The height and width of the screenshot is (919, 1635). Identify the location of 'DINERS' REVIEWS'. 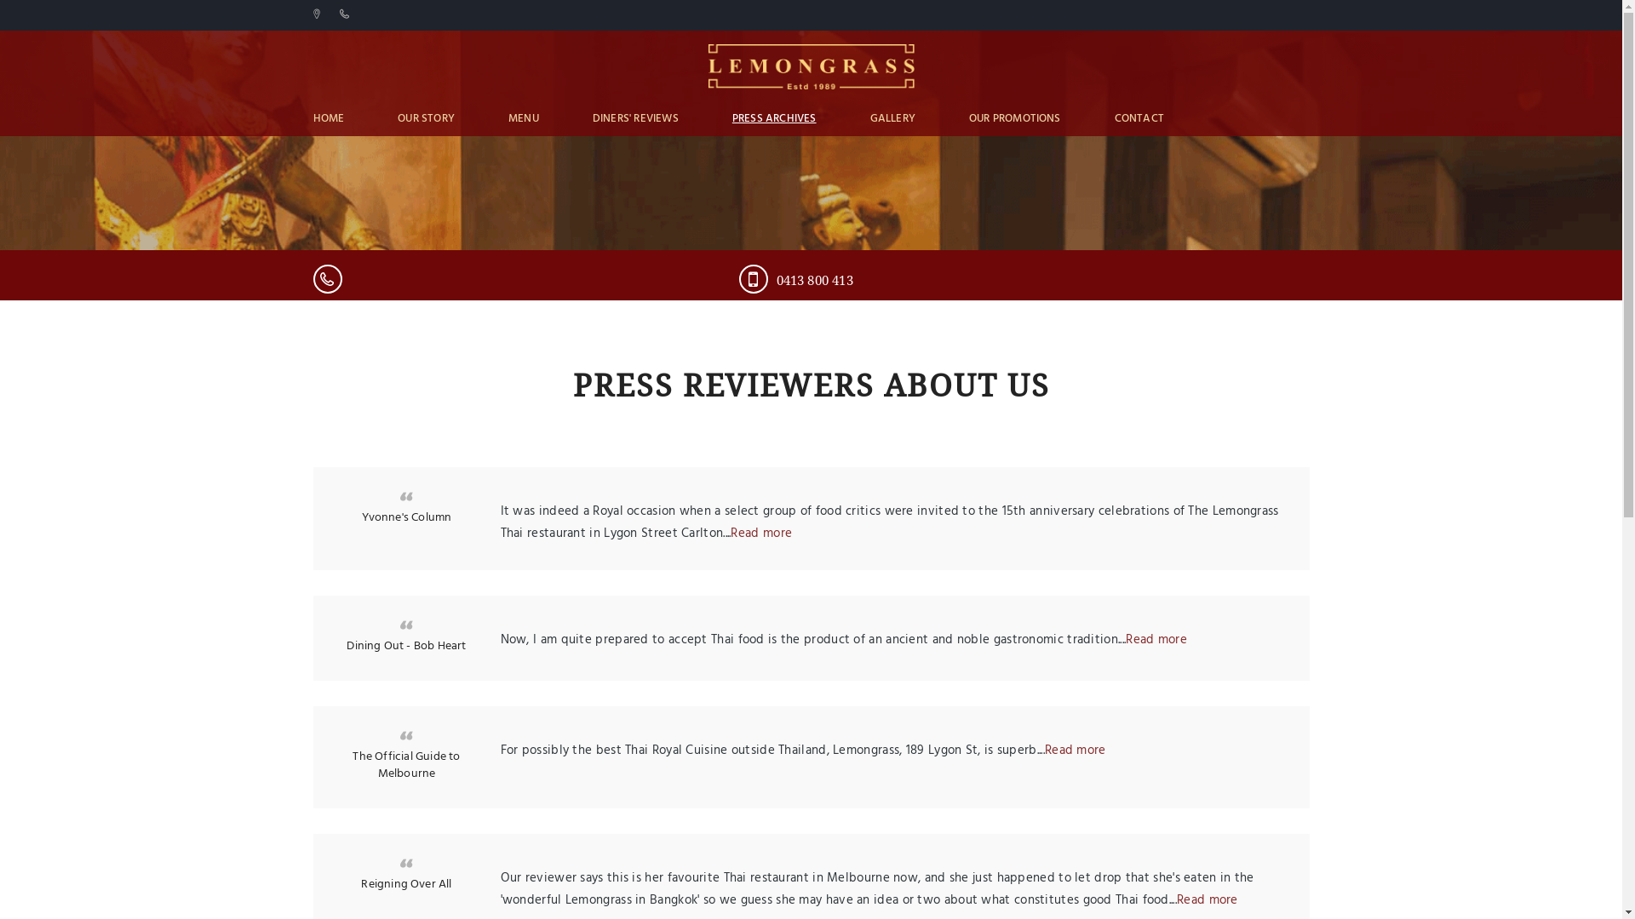
(593, 117).